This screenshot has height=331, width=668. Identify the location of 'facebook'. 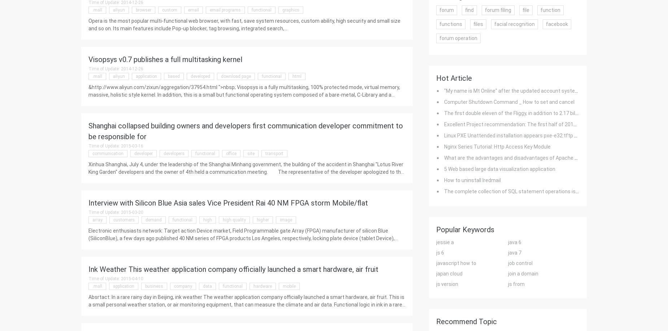
(557, 24).